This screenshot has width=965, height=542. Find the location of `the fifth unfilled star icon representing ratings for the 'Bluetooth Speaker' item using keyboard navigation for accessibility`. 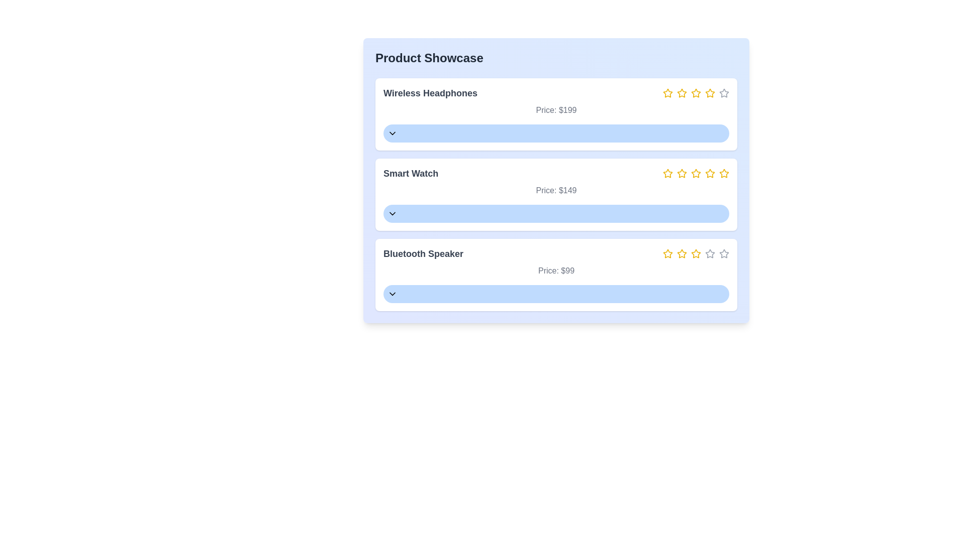

the fifth unfilled star icon representing ratings for the 'Bluetooth Speaker' item using keyboard navigation for accessibility is located at coordinates (724, 253).